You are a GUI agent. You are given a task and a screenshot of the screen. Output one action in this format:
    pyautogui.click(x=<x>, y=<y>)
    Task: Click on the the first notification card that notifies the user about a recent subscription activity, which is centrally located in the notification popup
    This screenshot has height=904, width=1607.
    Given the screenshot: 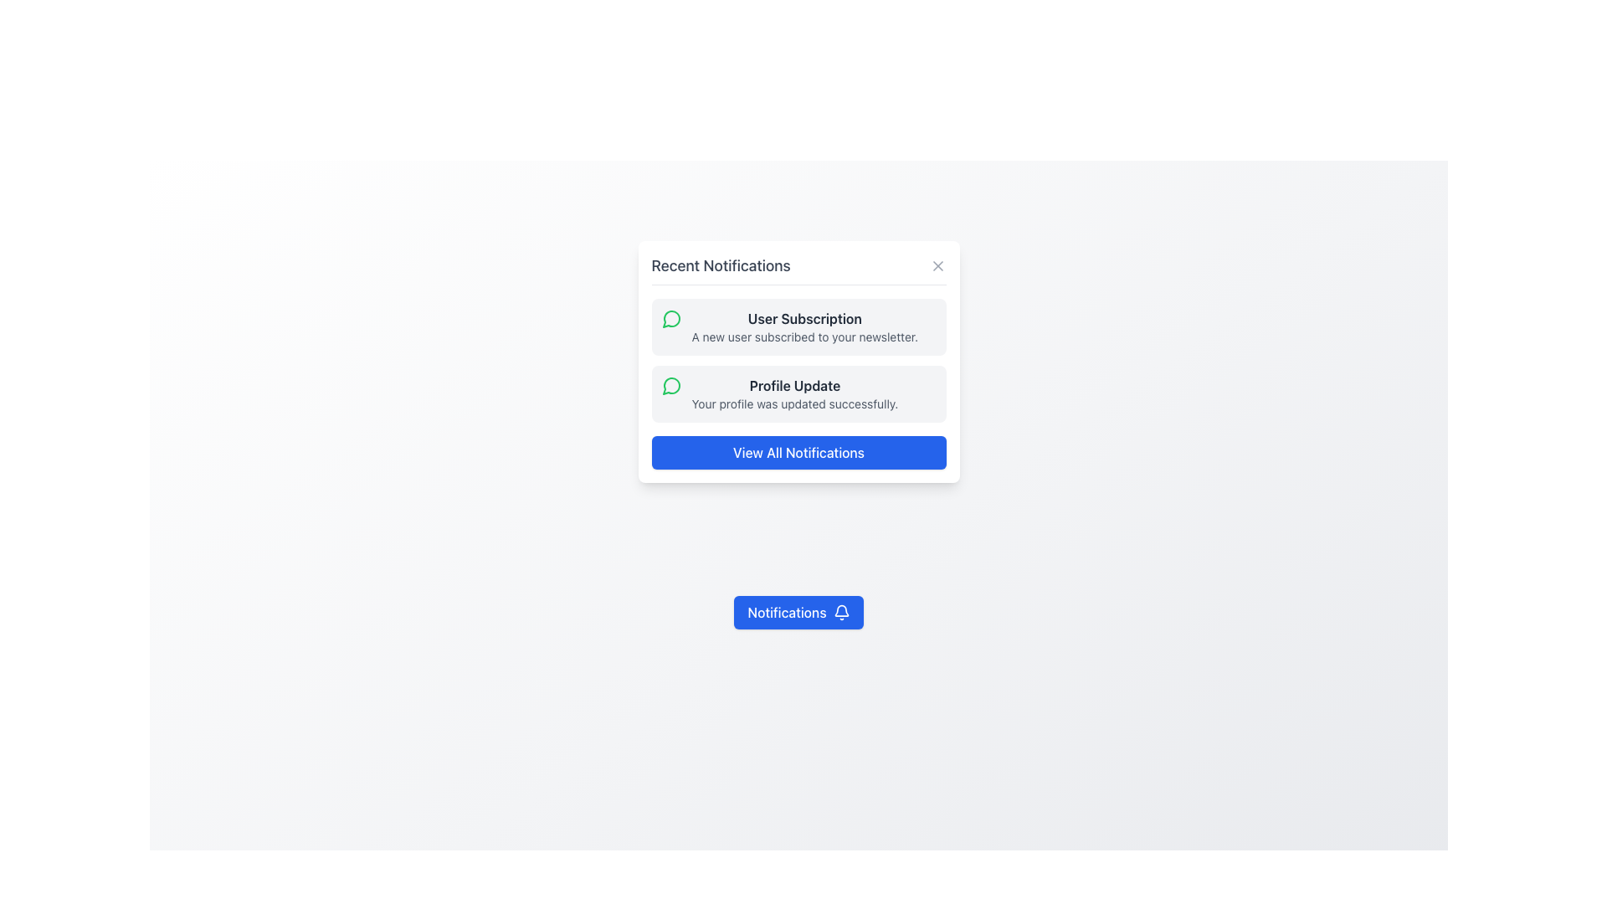 What is the action you would take?
    pyautogui.click(x=798, y=326)
    